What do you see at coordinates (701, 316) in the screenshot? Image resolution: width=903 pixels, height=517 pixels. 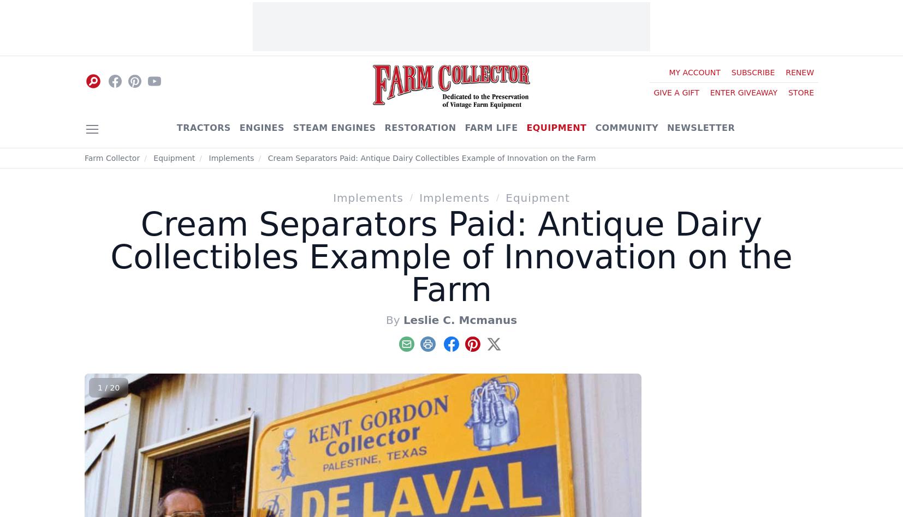 I see `'Ten Agricultural Inventions that Changed the Face of Farming in America'` at bounding box center [701, 316].